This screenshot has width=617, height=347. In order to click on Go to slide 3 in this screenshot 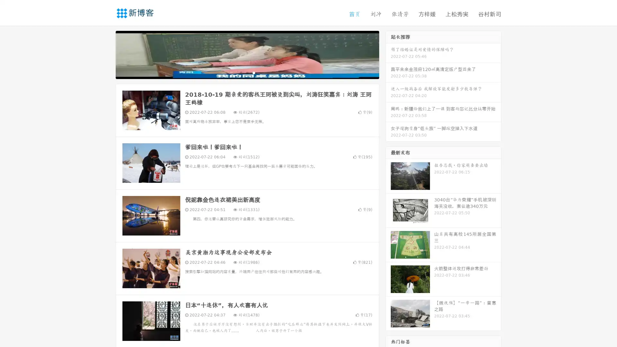, I will do `click(254, 72)`.